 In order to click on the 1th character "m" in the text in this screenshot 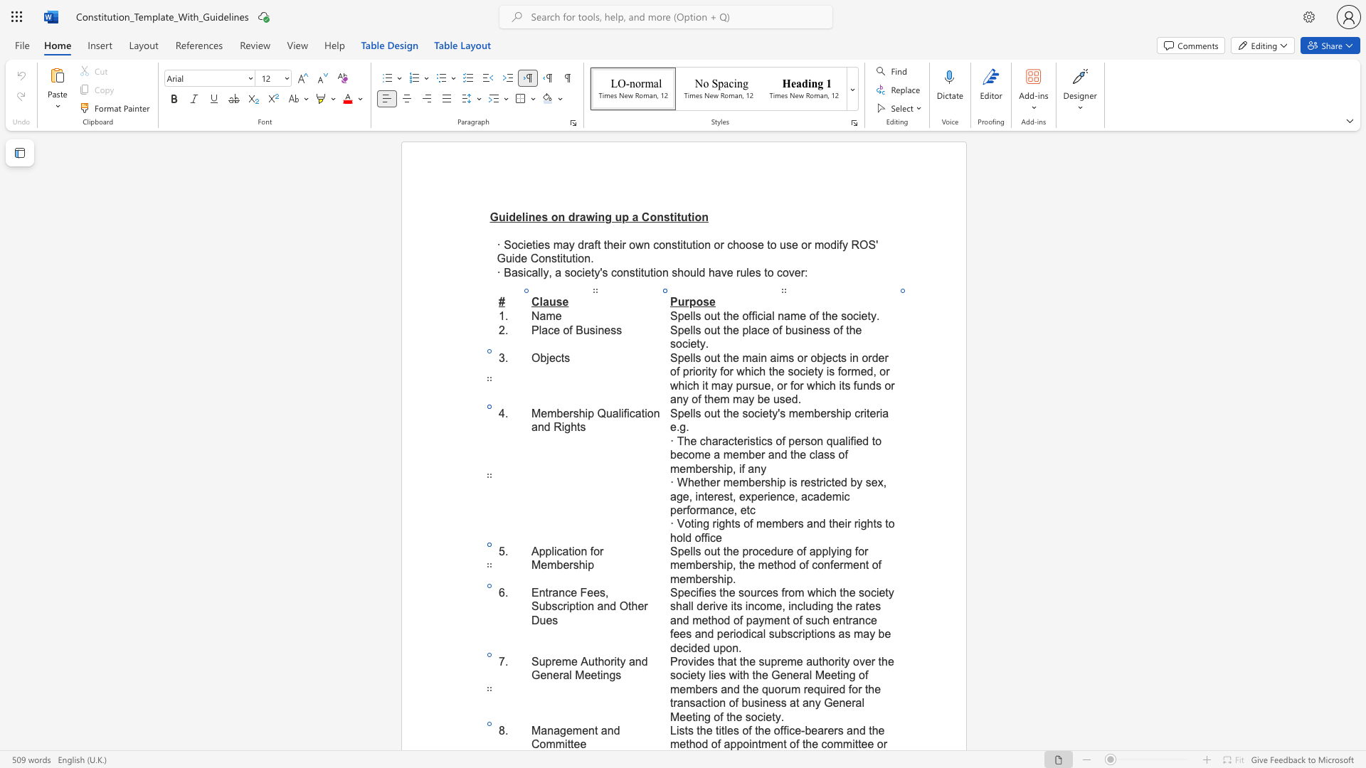, I will do `click(577, 730)`.